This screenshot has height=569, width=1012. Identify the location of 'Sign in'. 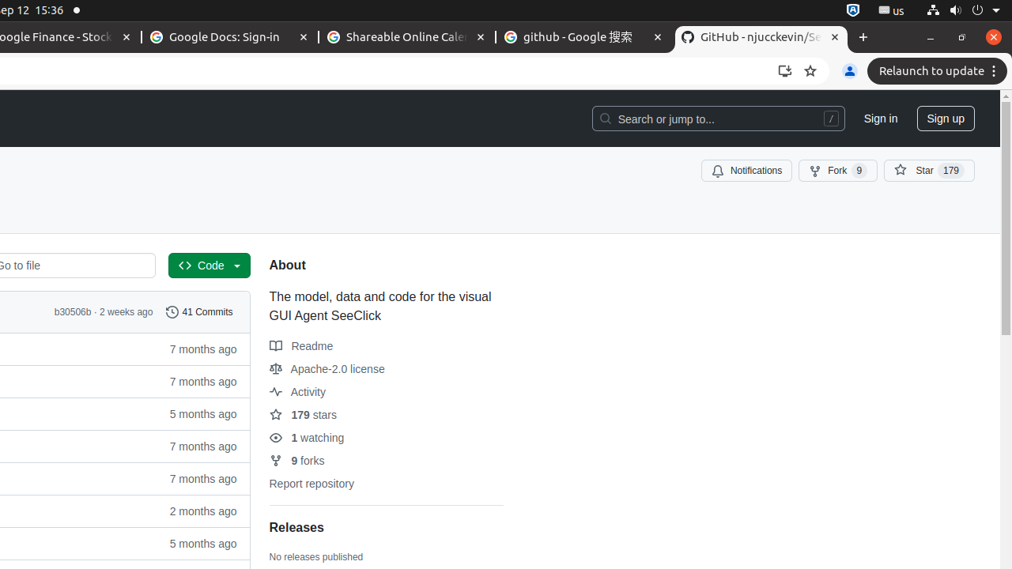
(879, 117).